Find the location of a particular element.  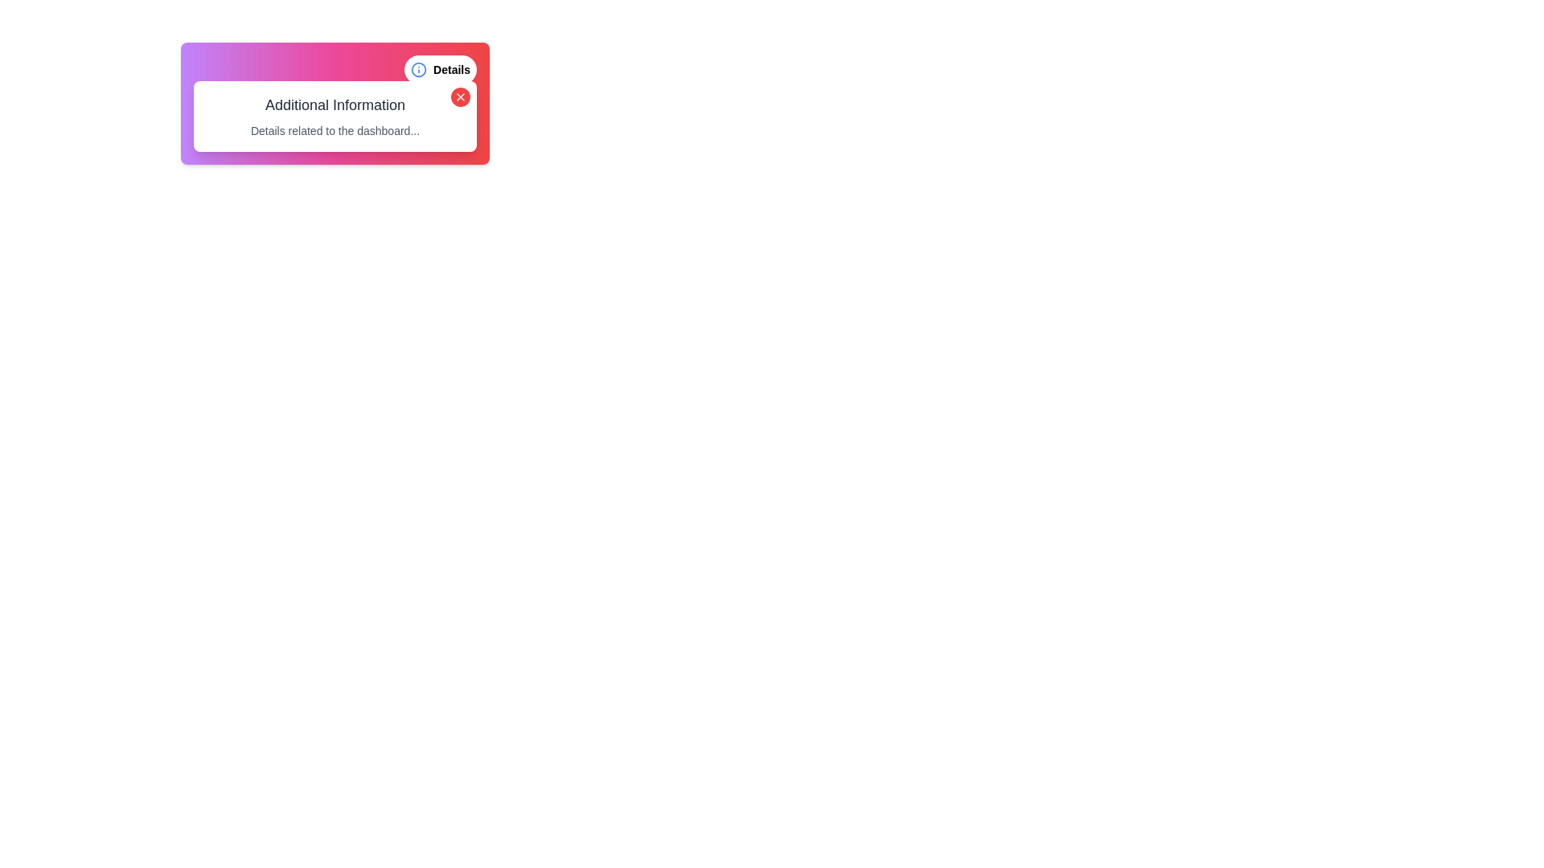

the close icon button located in the upper-right corner of the card-like interface is located at coordinates (459, 96).